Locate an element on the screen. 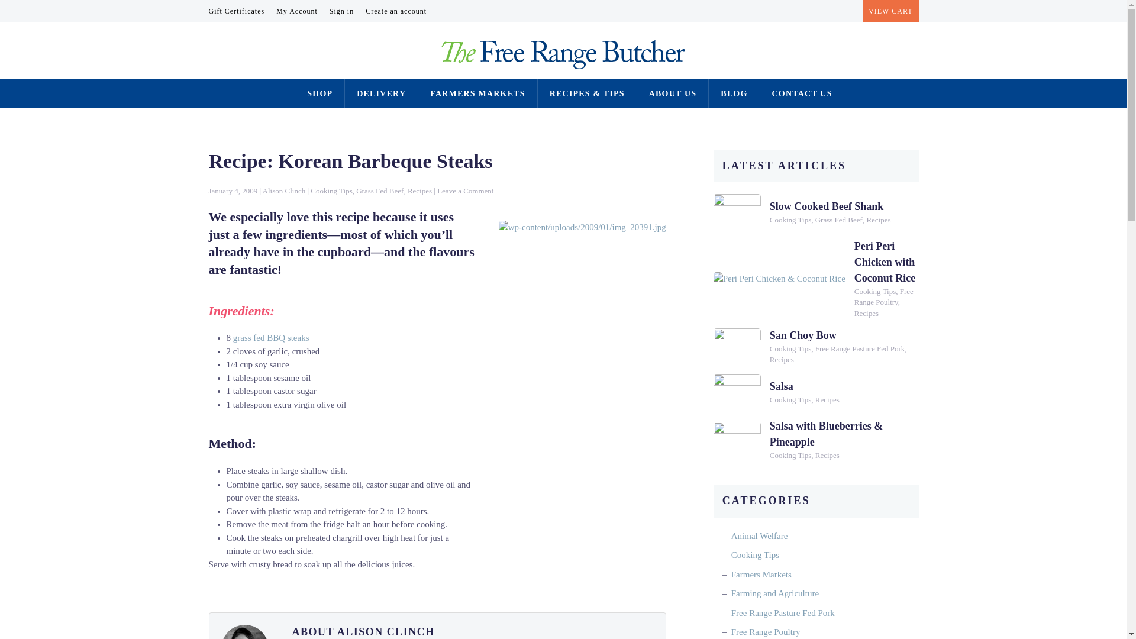 This screenshot has width=1136, height=639. 'Create an account' is located at coordinates (396, 11).